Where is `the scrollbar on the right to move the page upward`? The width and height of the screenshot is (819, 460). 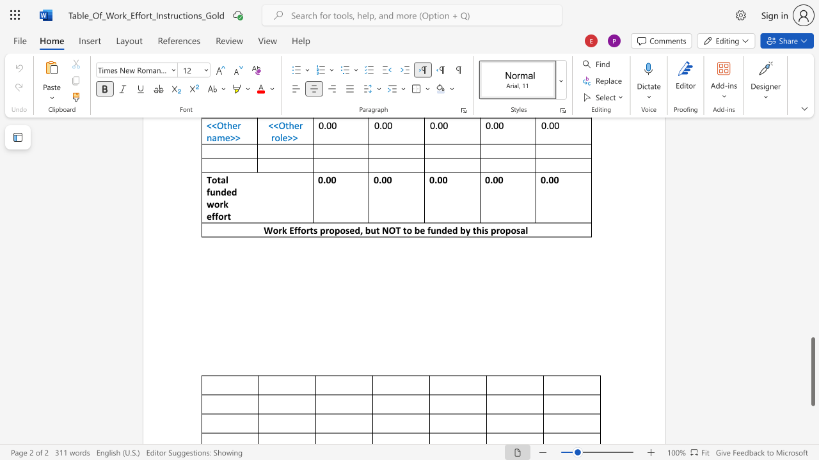
the scrollbar on the right to move the page upward is located at coordinates (812, 280).